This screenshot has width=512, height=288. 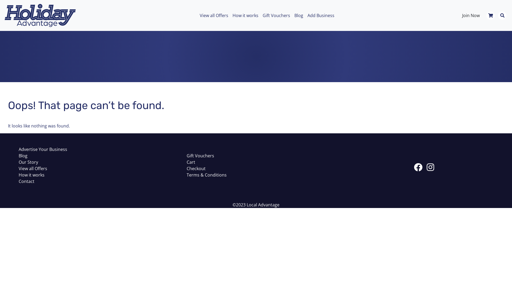 What do you see at coordinates (196, 169) in the screenshot?
I see `'Checkout'` at bounding box center [196, 169].